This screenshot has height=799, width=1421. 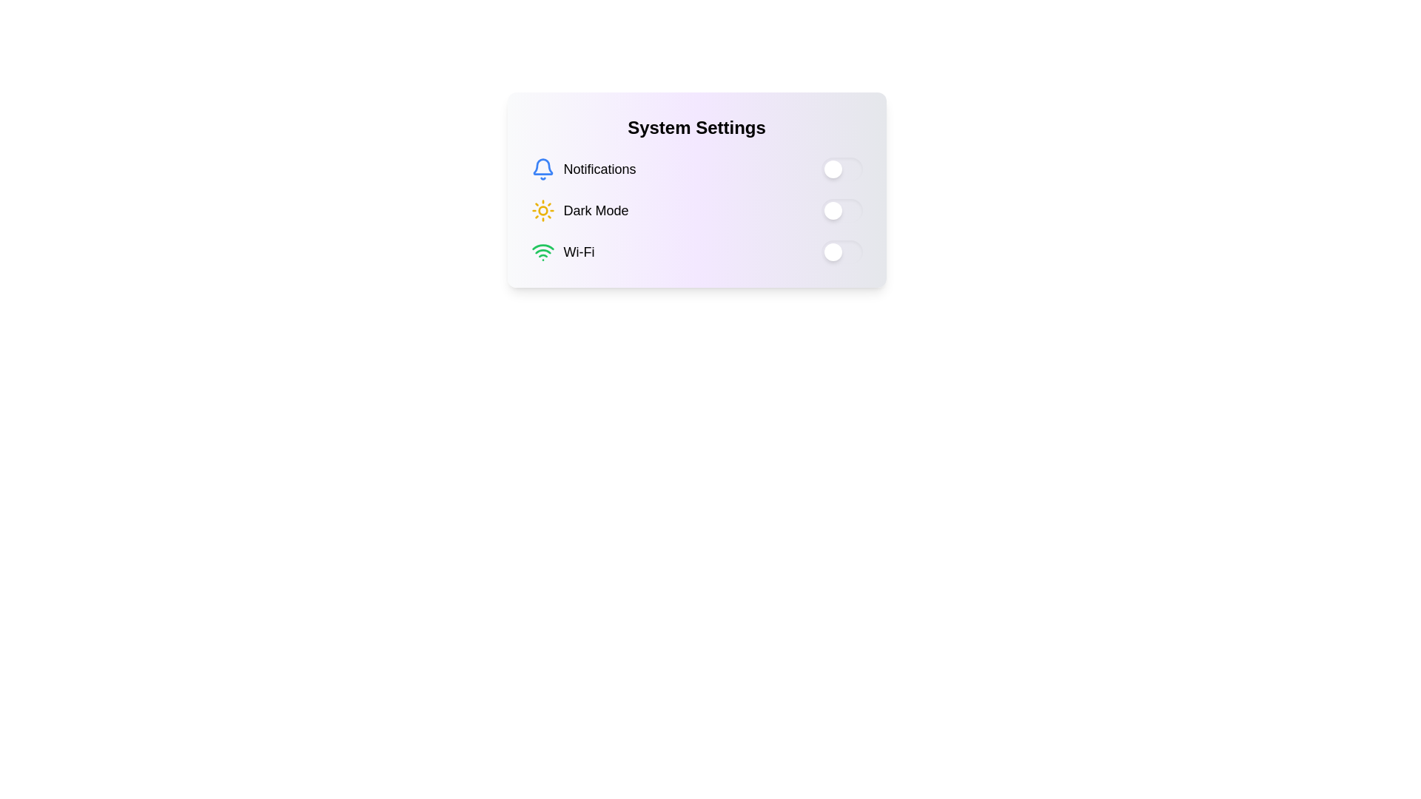 I want to click on the toggle switch for notifications in the System Settings panel, so click(x=841, y=168).